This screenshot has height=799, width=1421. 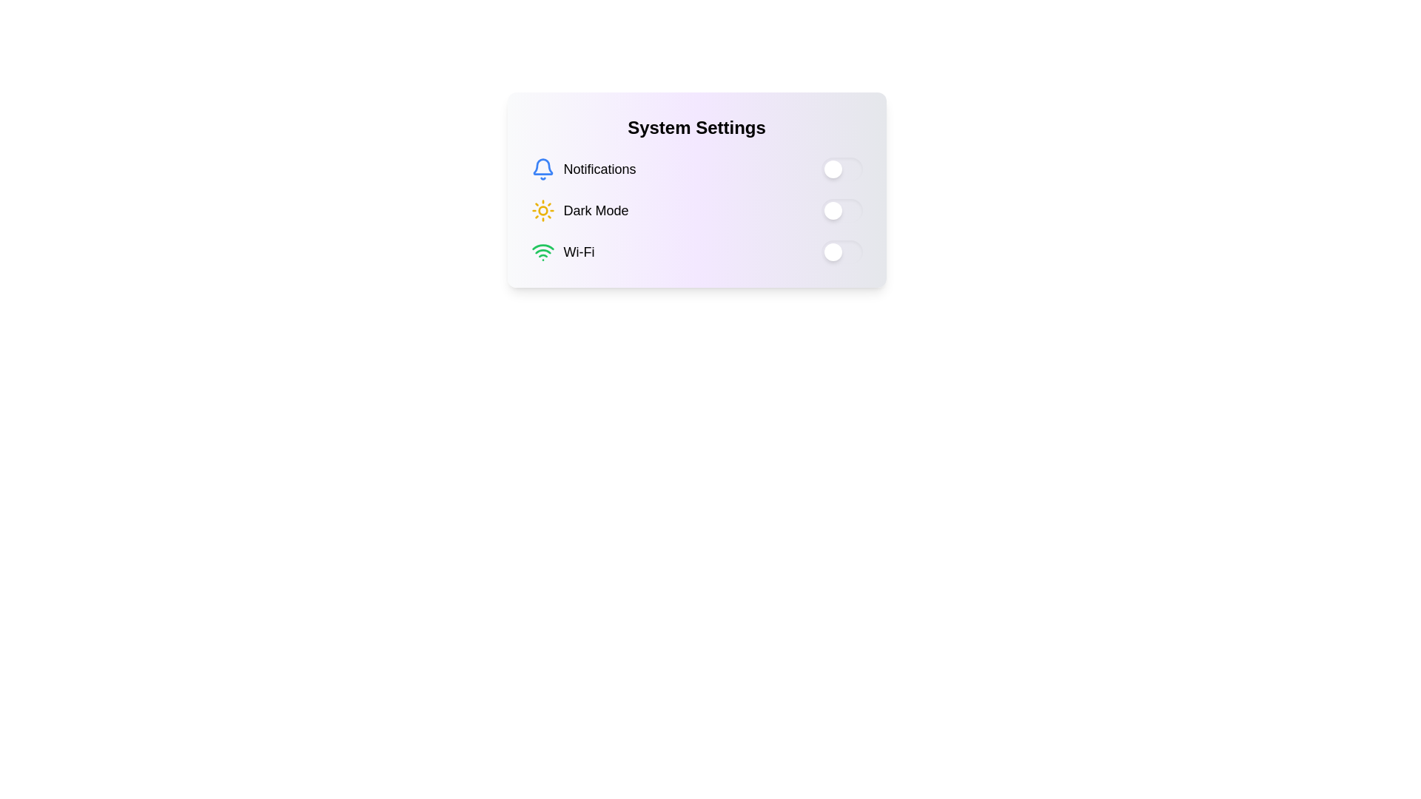 I want to click on the toggle switch for notifications in the System Settings panel, so click(x=841, y=168).